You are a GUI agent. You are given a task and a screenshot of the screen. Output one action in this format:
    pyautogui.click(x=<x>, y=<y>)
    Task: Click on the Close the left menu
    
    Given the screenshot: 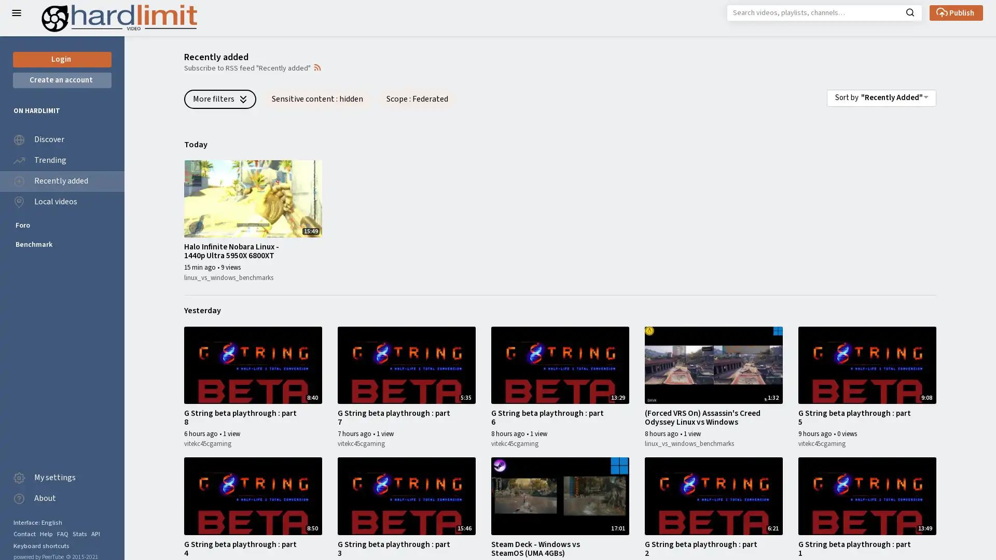 What is the action you would take?
    pyautogui.click(x=17, y=12)
    